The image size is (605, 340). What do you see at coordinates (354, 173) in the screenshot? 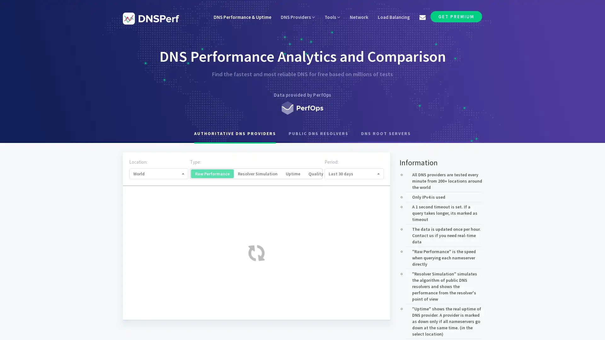
I see `Last 30 days` at bounding box center [354, 173].